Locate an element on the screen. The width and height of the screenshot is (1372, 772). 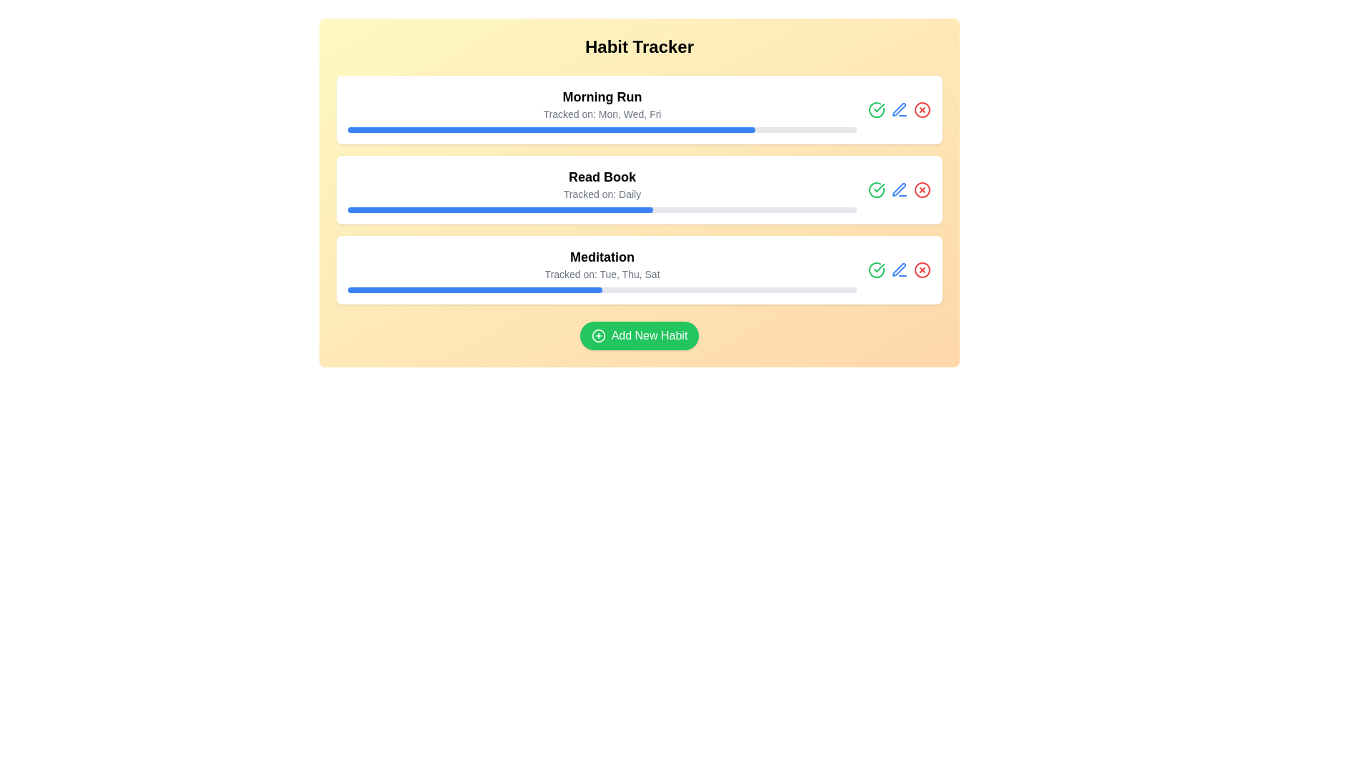
the main title text label at the top of the interface, which serves to identify the purpose of the content below is located at coordinates (638, 46).